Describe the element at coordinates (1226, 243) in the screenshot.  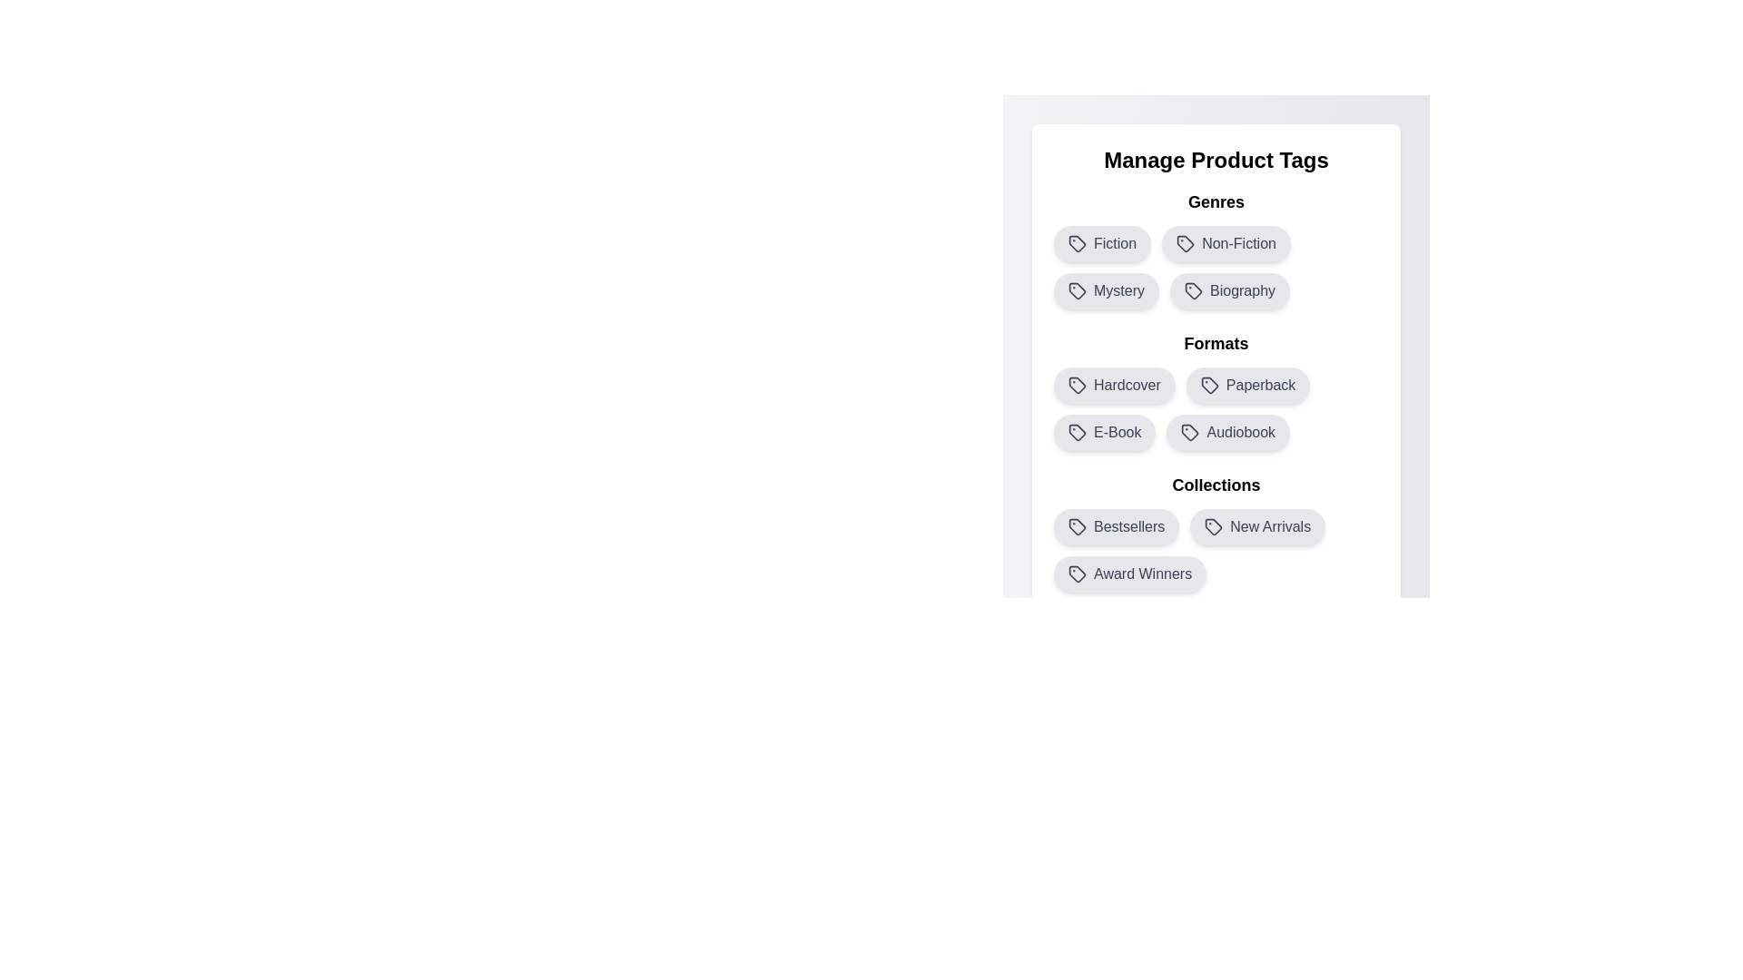
I see `the 'Non-Fiction' interactive button in the Genres section` at that location.